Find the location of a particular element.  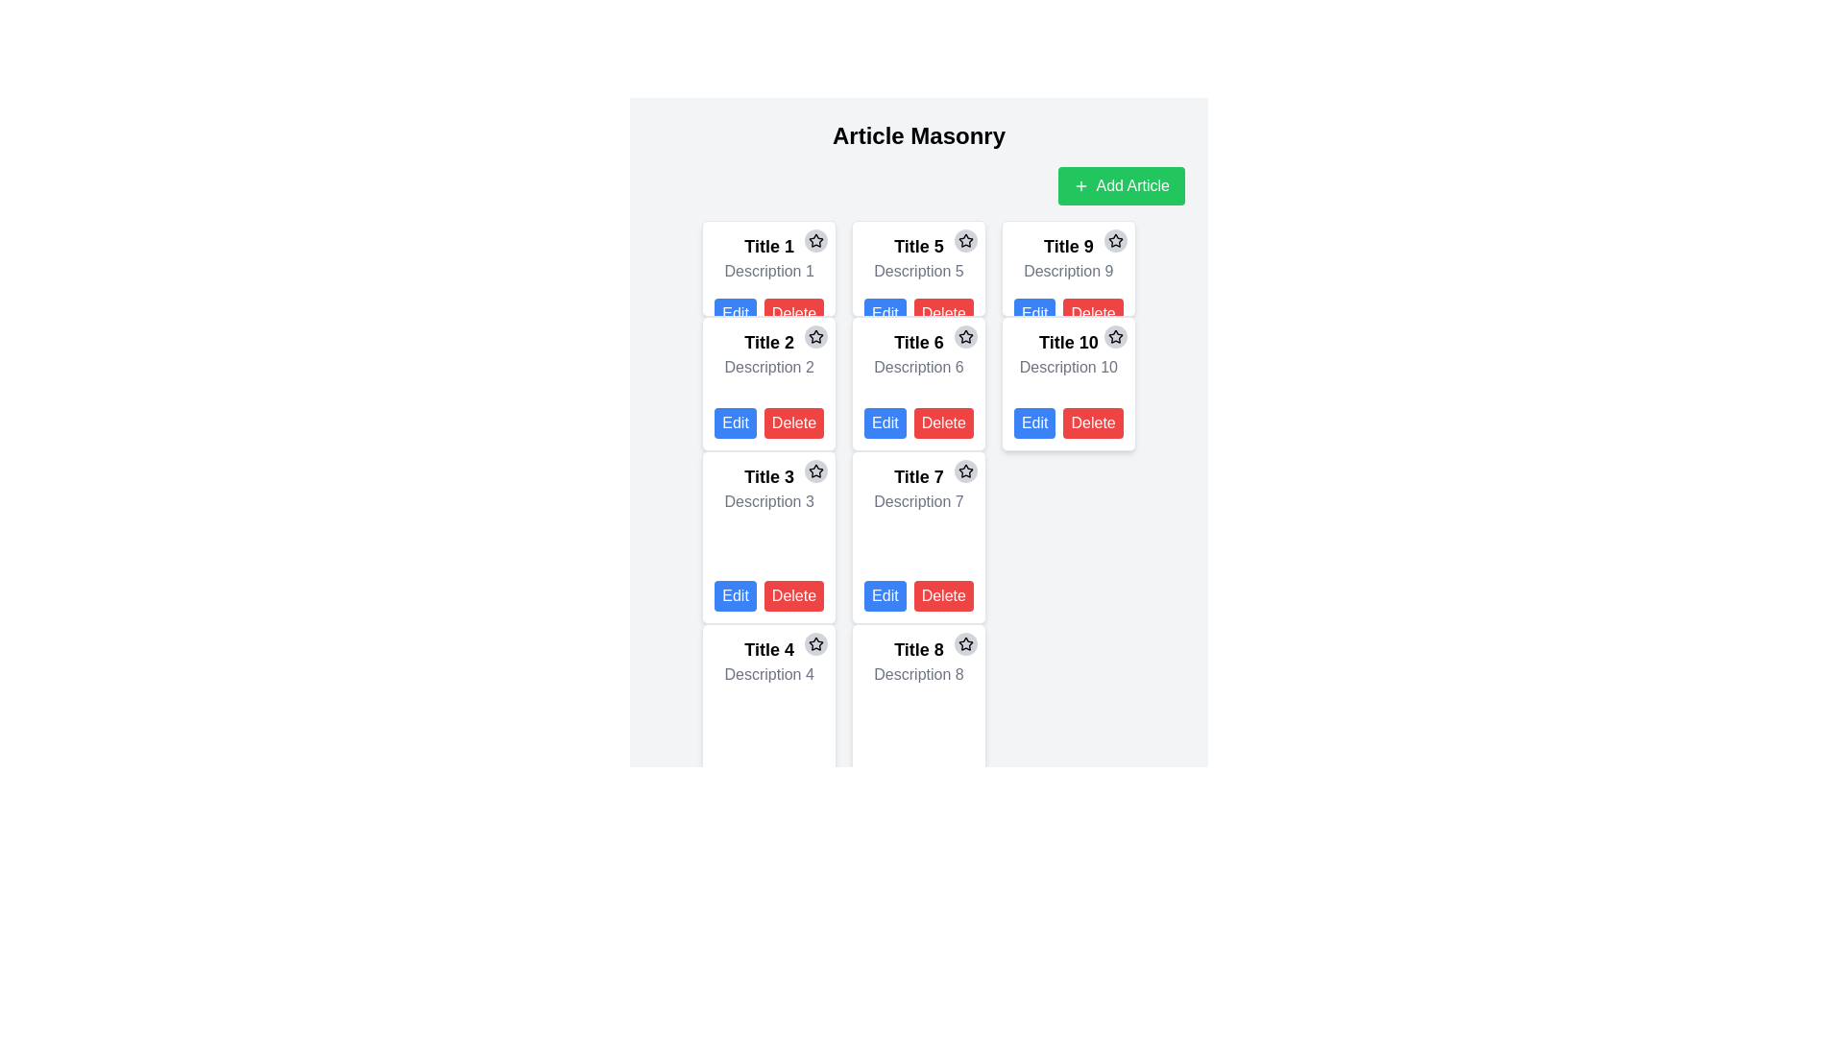

the rounded button with a gray background and a star-shaped icon located at the top-right corner of the card labeled 'Title 4 Description 4' to mark or unmark it as favorite is located at coordinates (816, 644).